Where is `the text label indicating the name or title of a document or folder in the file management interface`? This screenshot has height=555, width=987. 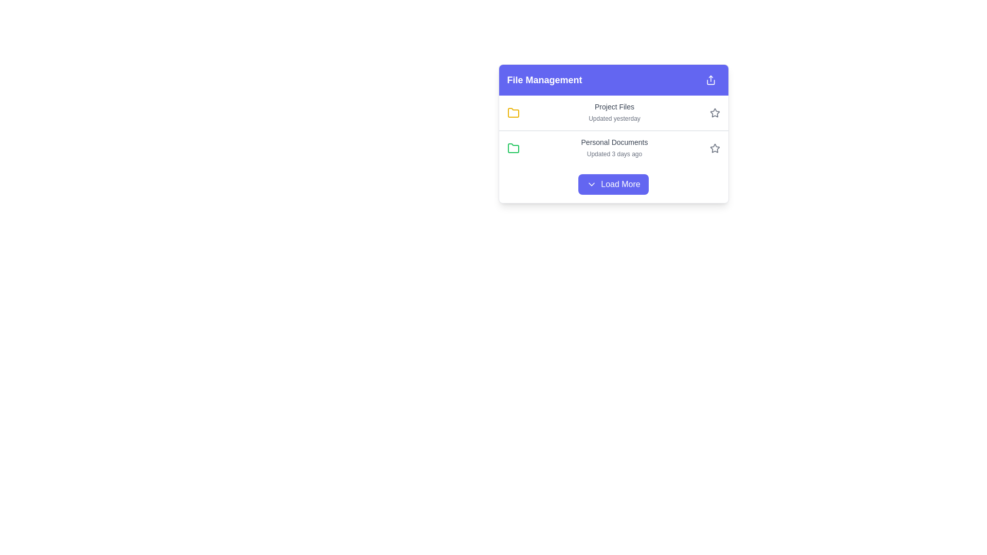 the text label indicating the name or title of a document or folder in the file management interface is located at coordinates (614, 107).